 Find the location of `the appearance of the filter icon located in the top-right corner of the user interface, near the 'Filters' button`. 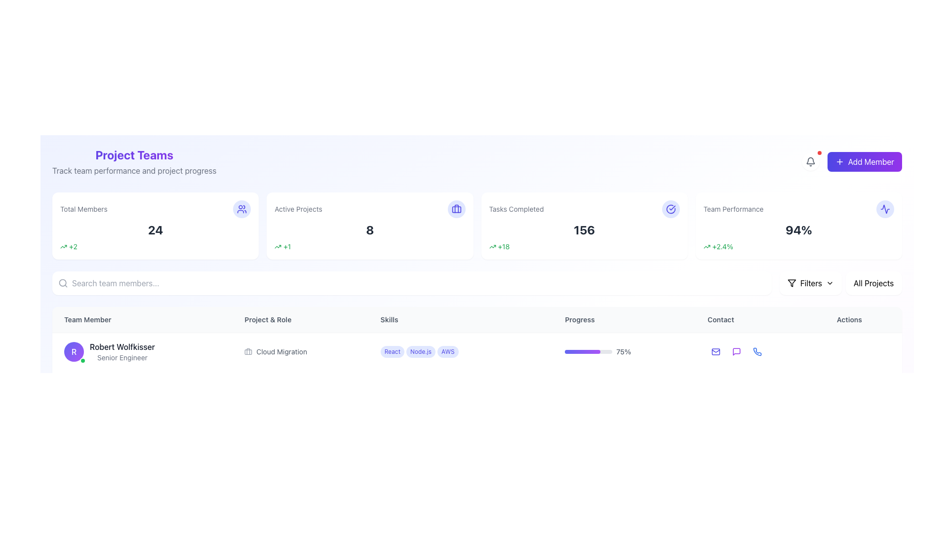

the appearance of the filter icon located in the top-right corner of the user interface, near the 'Filters' button is located at coordinates (791, 283).